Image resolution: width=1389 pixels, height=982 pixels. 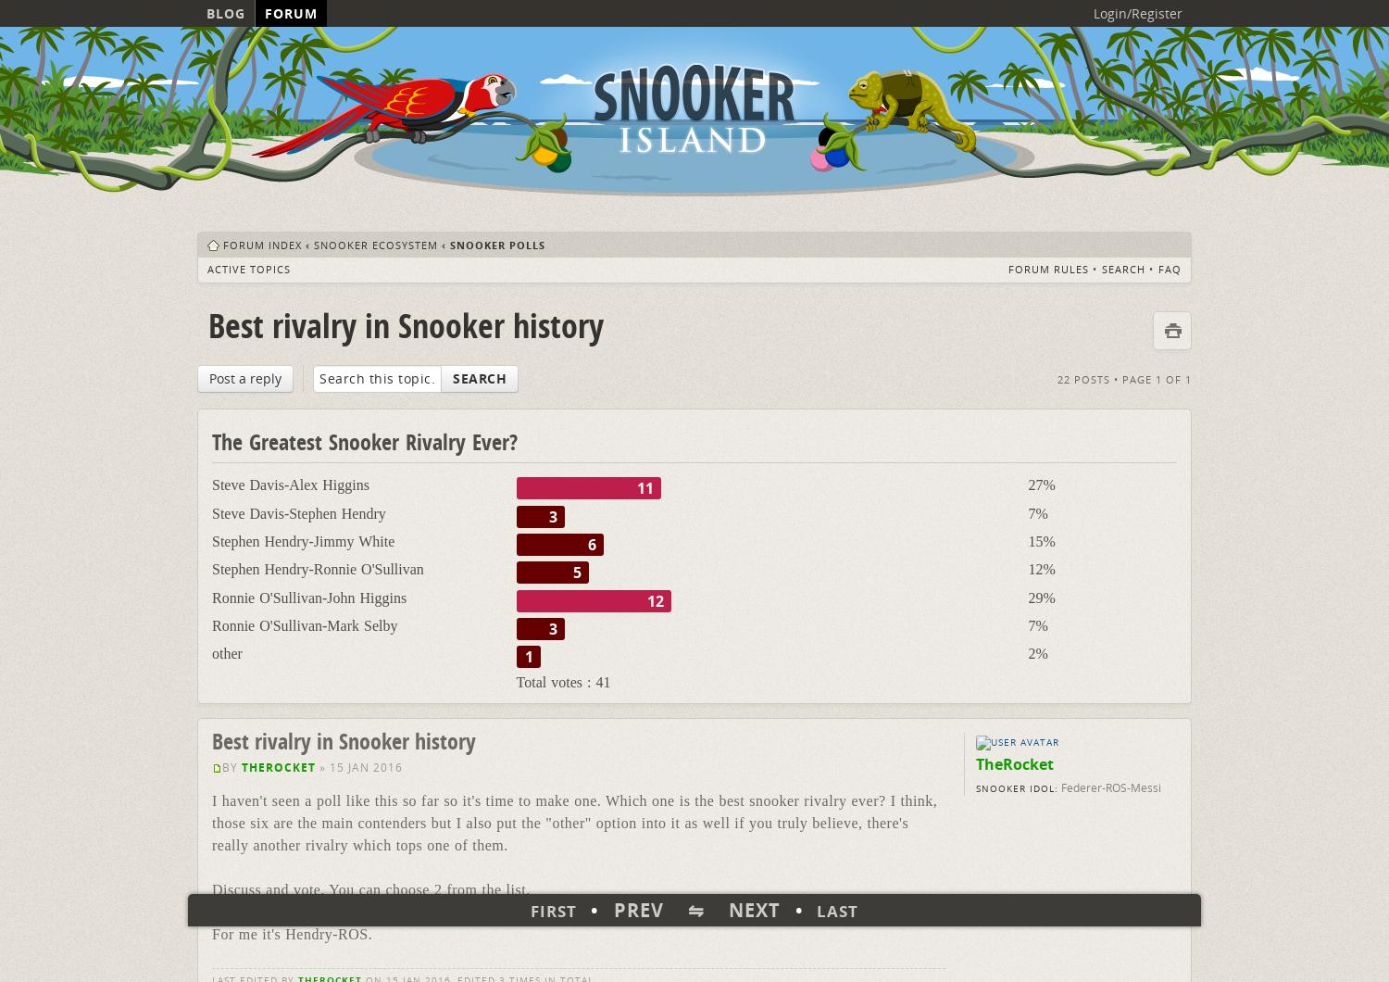 What do you see at coordinates (245, 376) in the screenshot?
I see `'Post a reply'` at bounding box center [245, 376].